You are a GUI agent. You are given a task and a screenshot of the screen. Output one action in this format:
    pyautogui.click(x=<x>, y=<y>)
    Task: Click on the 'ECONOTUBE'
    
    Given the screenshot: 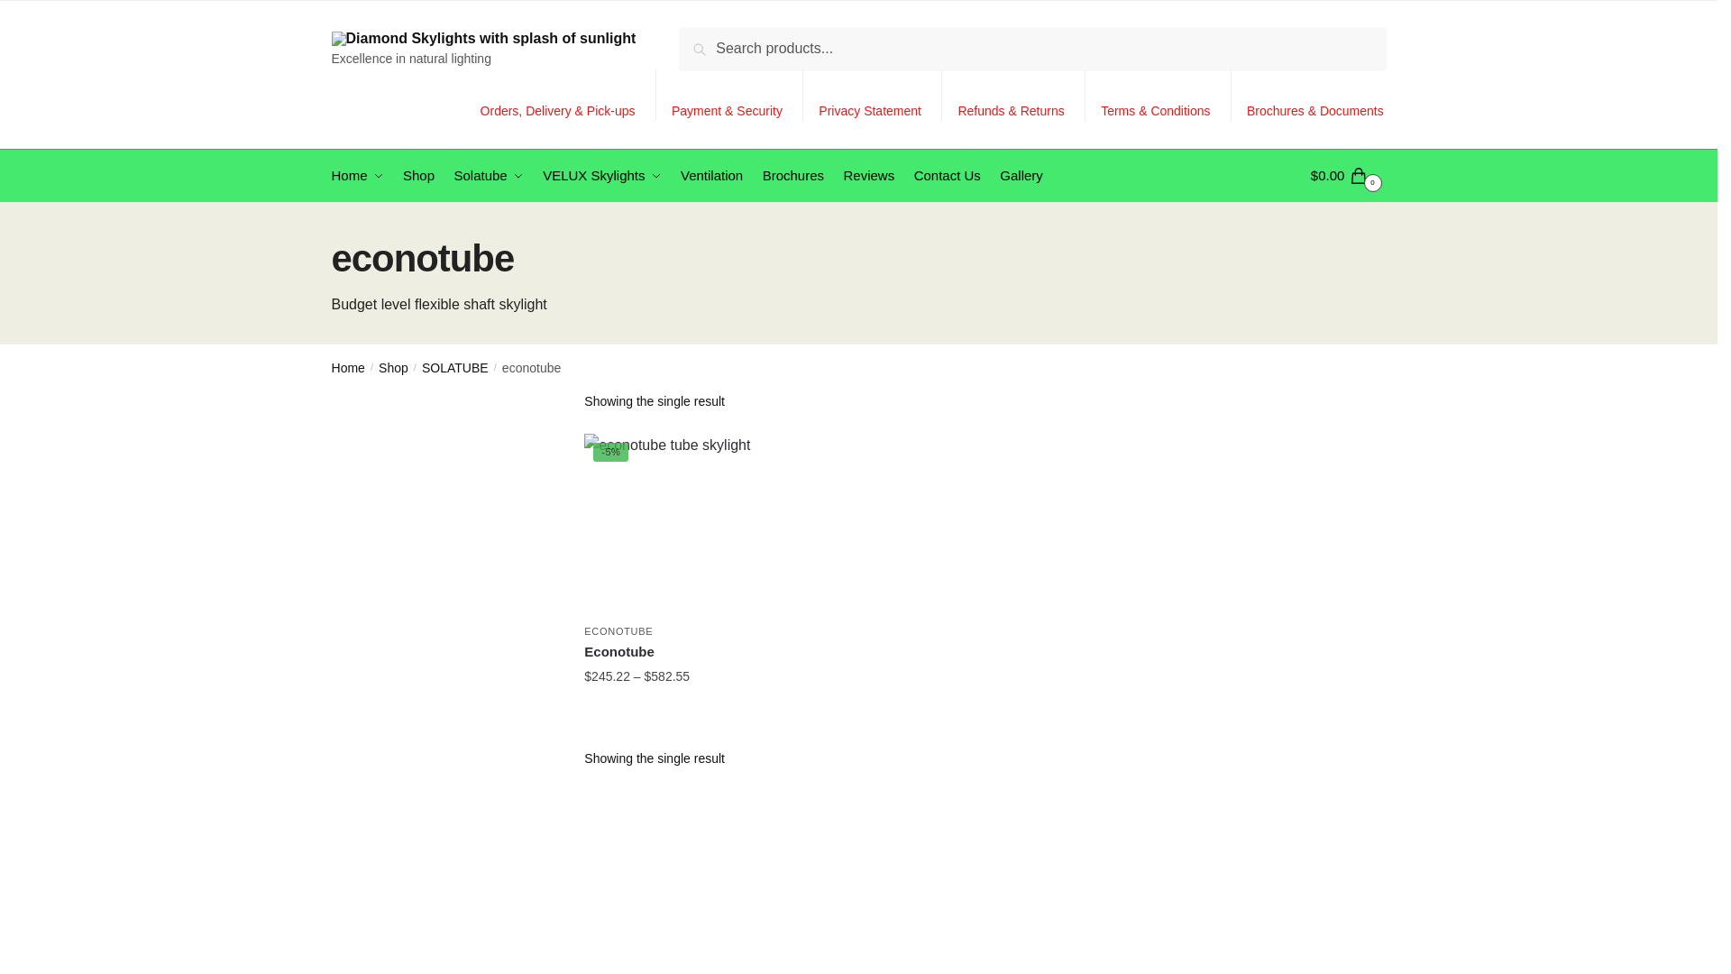 What is the action you would take?
    pyautogui.click(x=618, y=629)
    